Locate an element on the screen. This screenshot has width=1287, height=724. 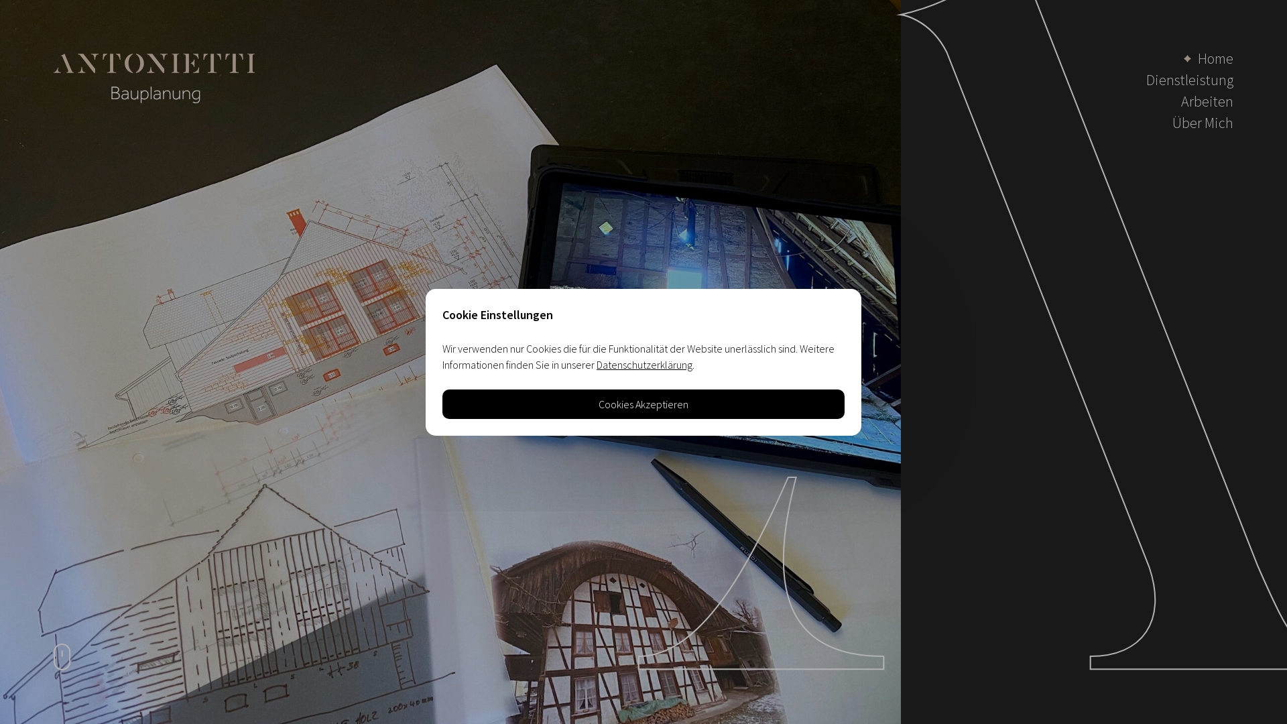
'Home' is located at coordinates (1209, 58).